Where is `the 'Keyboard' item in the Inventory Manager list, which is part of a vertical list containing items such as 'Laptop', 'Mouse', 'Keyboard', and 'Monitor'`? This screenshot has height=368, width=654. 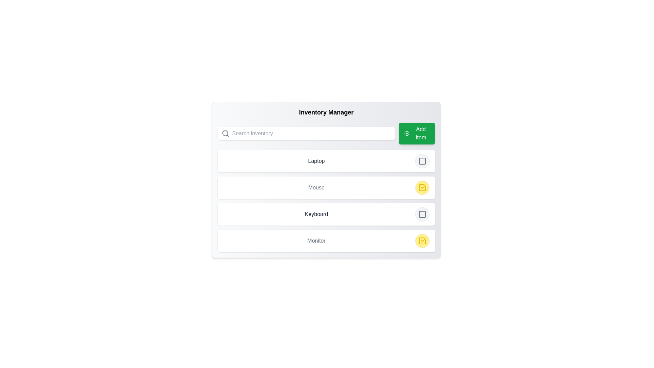 the 'Keyboard' item in the Inventory Manager list, which is part of a vertical list containing items such as 'Laptop', 'Mouse', 'Keyboard', and 'Monitor' is located at coordinates (326, 201).